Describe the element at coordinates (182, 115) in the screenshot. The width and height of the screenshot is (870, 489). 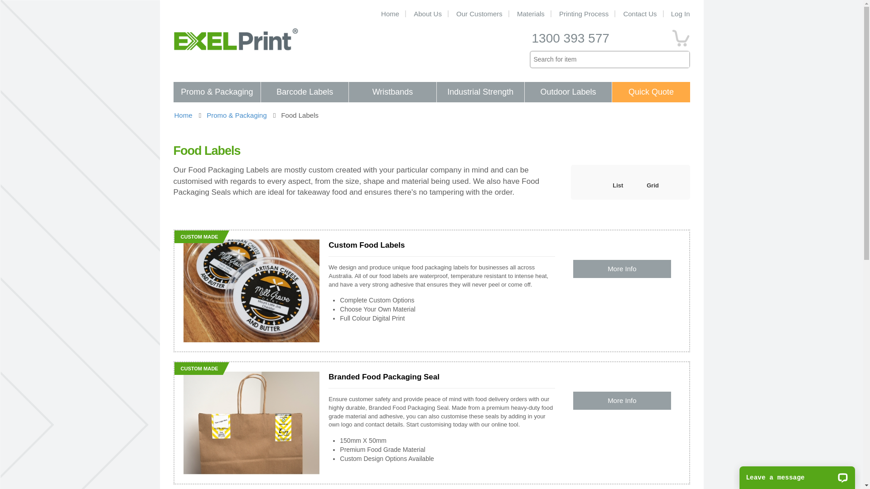
I see `'Home'` at that location.